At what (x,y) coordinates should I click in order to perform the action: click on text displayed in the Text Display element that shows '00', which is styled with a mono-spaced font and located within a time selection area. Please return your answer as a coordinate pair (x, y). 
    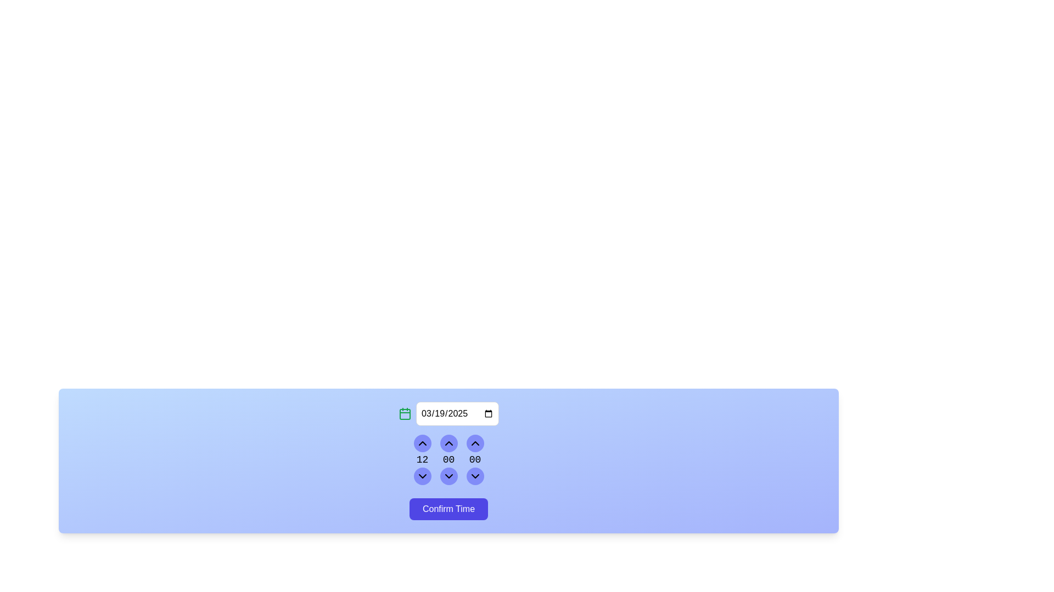
    Looking at the image, I should click on (475, 460).